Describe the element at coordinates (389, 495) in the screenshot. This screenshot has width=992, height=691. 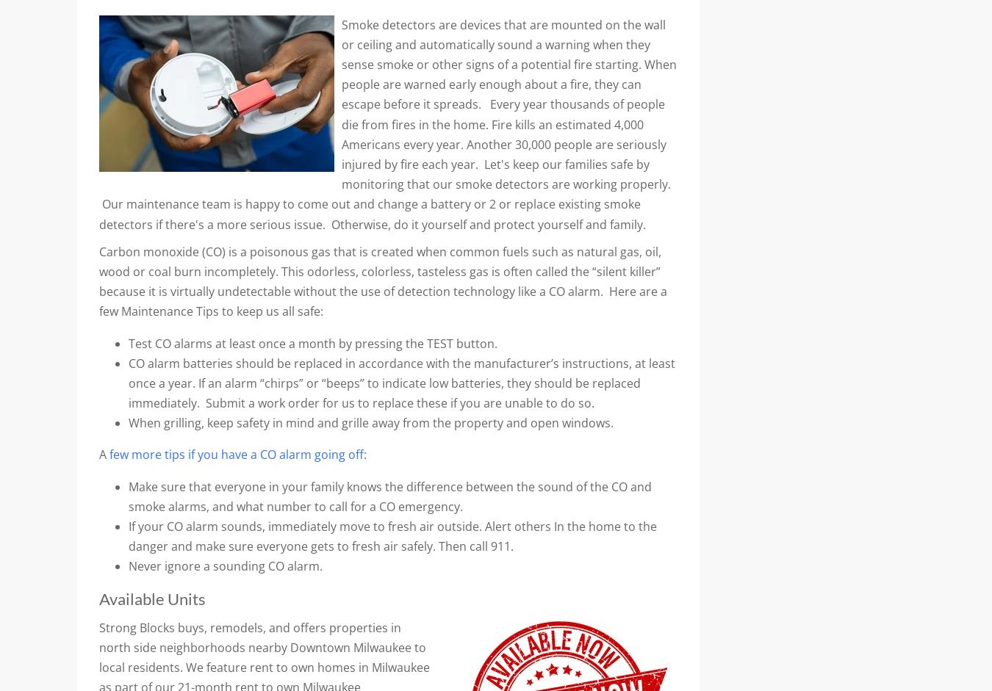
I see `'Make sure that everyone in your family knows the difference between the sound of the CO and smoke alarms, and what number to call for a CO emergency.'` at that location.